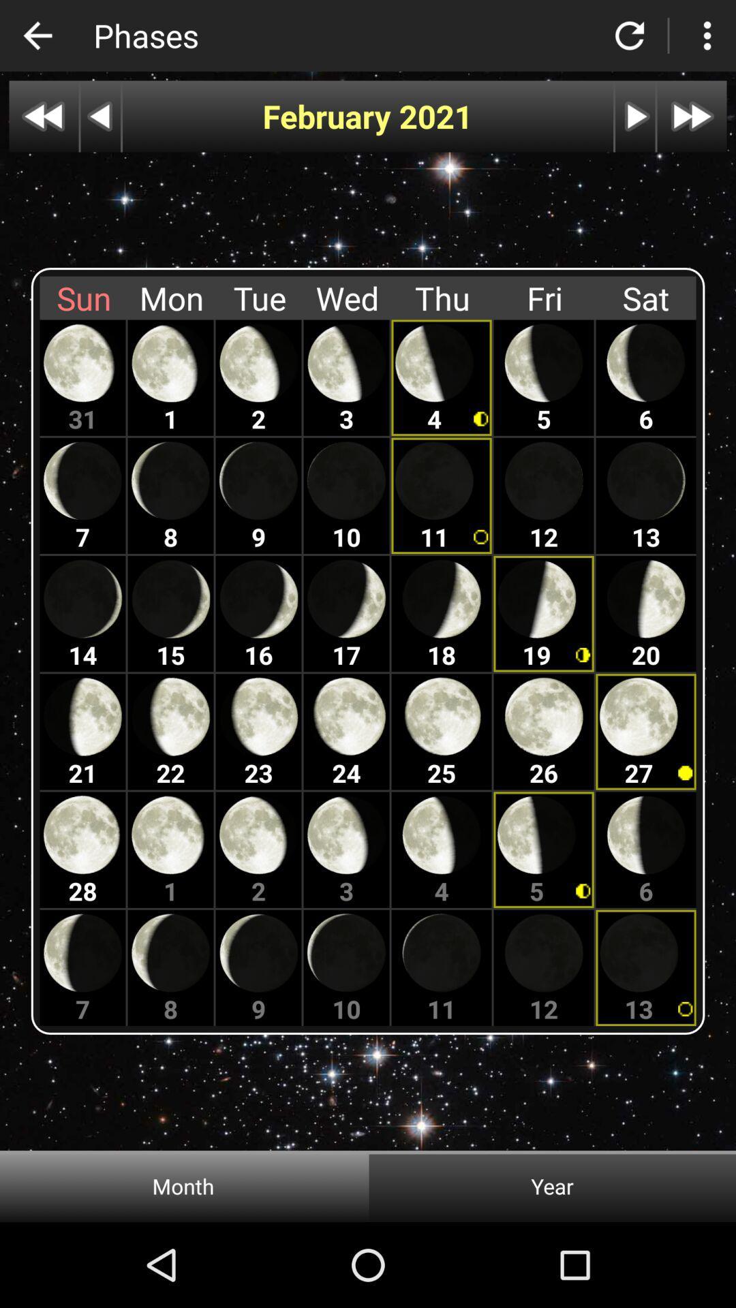 Image resolution: width=736 pixels, height=1308 pixels. I want to click on skip forward, so click(692, 116).